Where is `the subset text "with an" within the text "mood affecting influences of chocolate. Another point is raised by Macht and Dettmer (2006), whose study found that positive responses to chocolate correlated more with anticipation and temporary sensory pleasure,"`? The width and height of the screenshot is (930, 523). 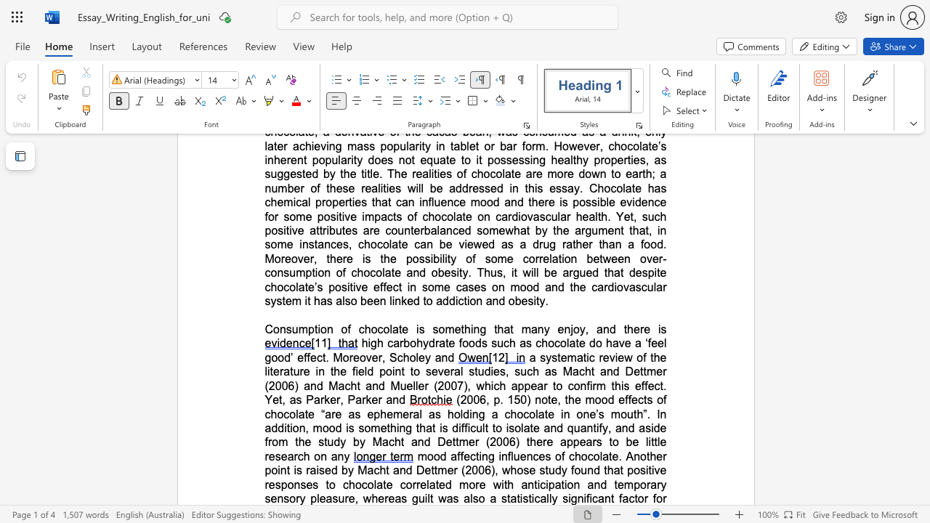
the subset text "with an" within the text "mood affecting influences of chocolate. Another point is raised by Macht and Dettmer (2006), whose study found that positive responses to chocolate correlated more with anticipation and temporary sensory pleasure," is located at coordinates (493, 485).